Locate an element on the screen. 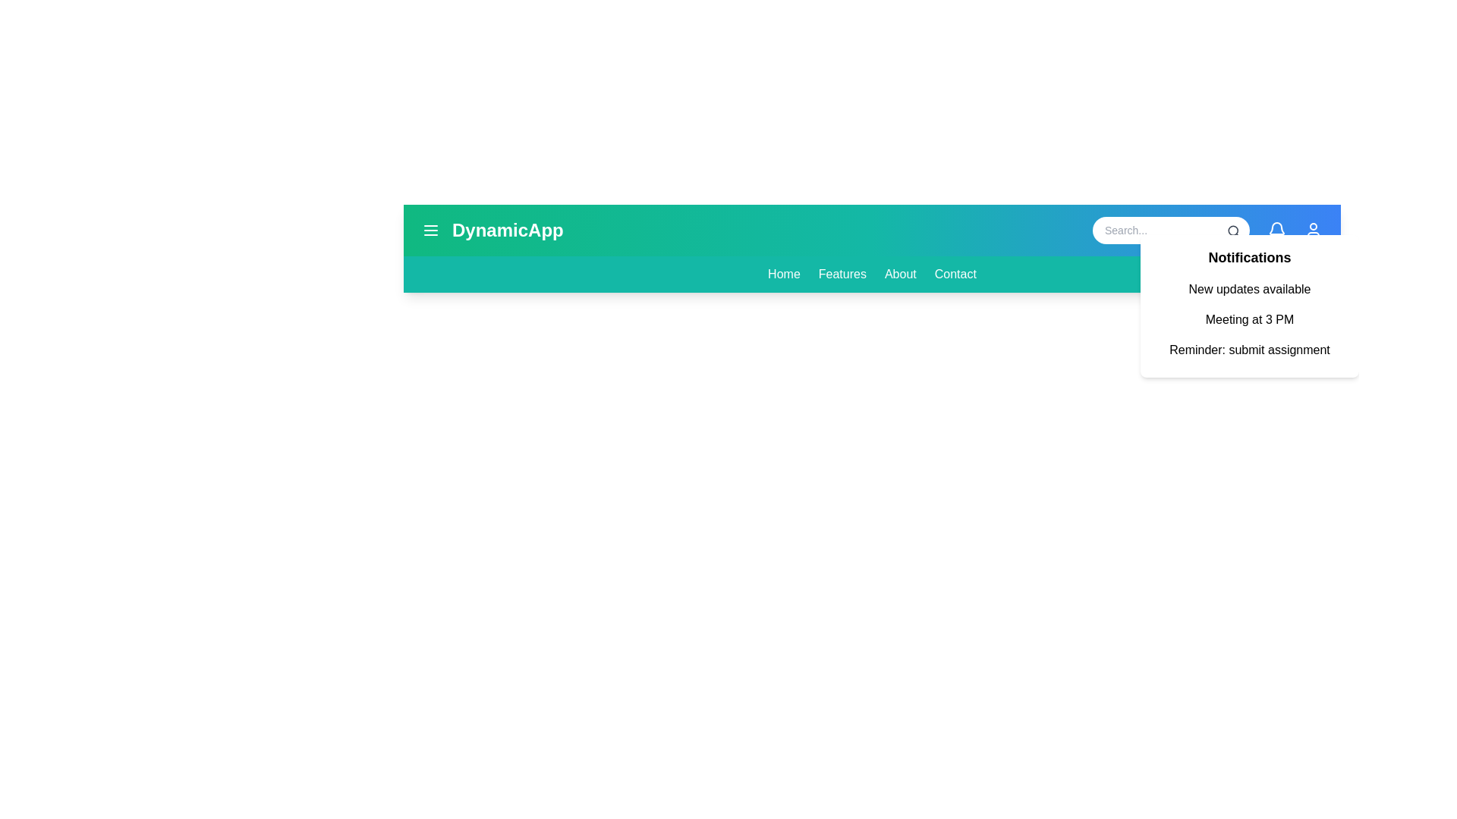 The image size is (1457, 819). the navigation menu item 'Contact' to navigate to the respective section is located at coordinates (955, 275).